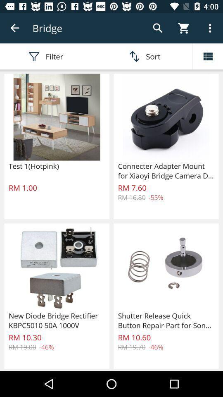 This screenshot has width=223, height=397. I want to click on the list icon, so click(207, 56).